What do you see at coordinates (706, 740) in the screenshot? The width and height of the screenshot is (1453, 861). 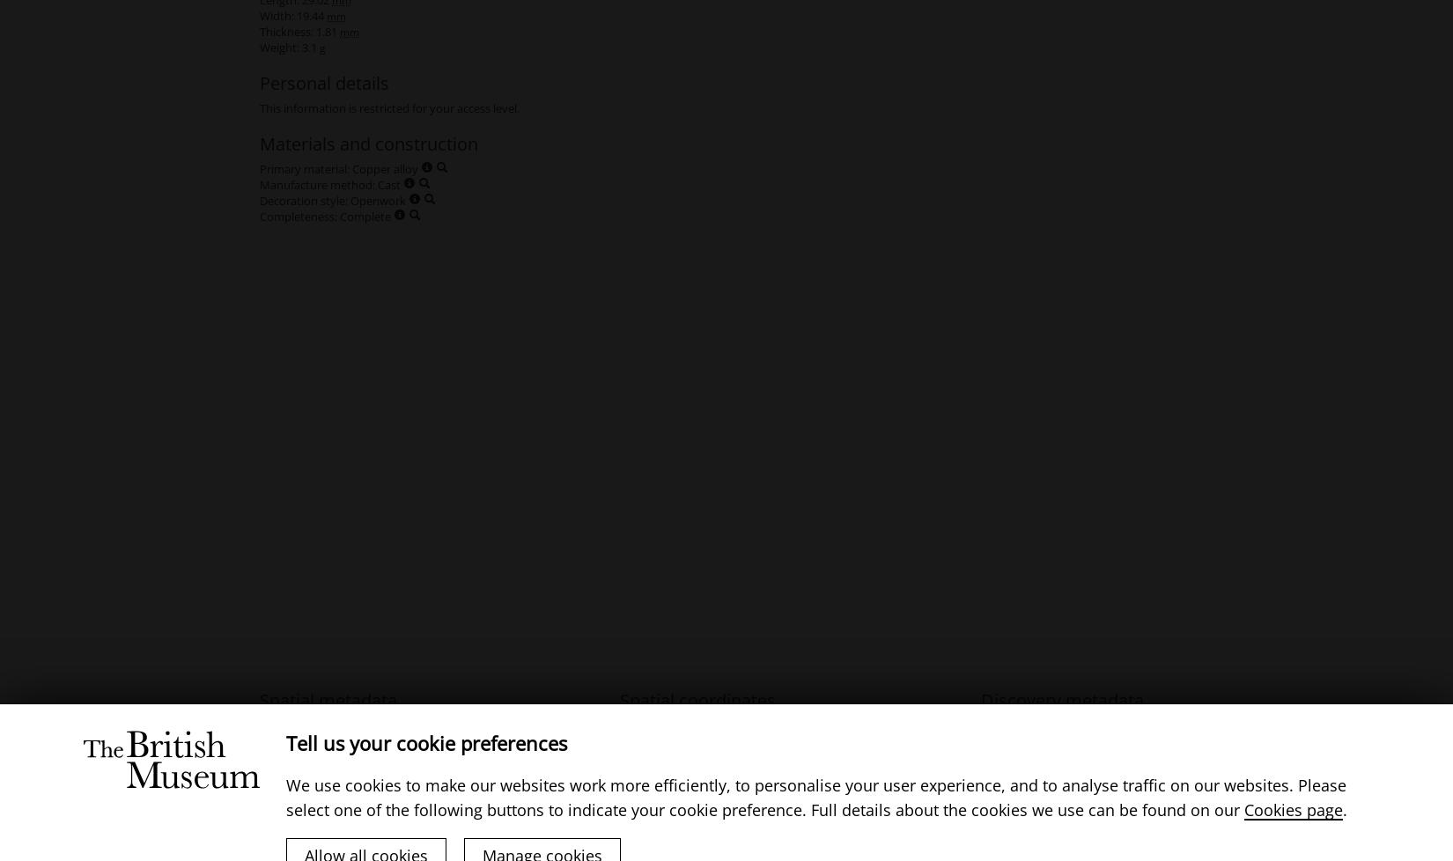 I see `'Four figure Latitude: 52.43690027'` at bounding box center [706, 740].